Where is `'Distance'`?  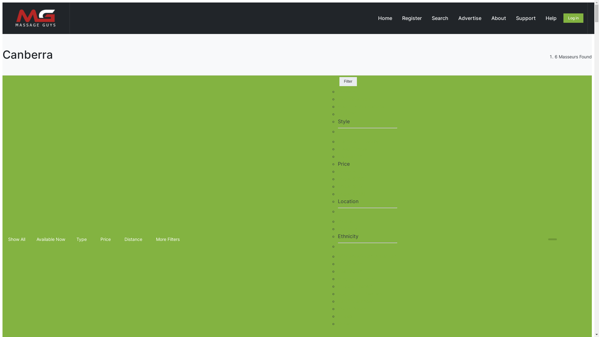 'Distance' is located at coordinates (134, 239).